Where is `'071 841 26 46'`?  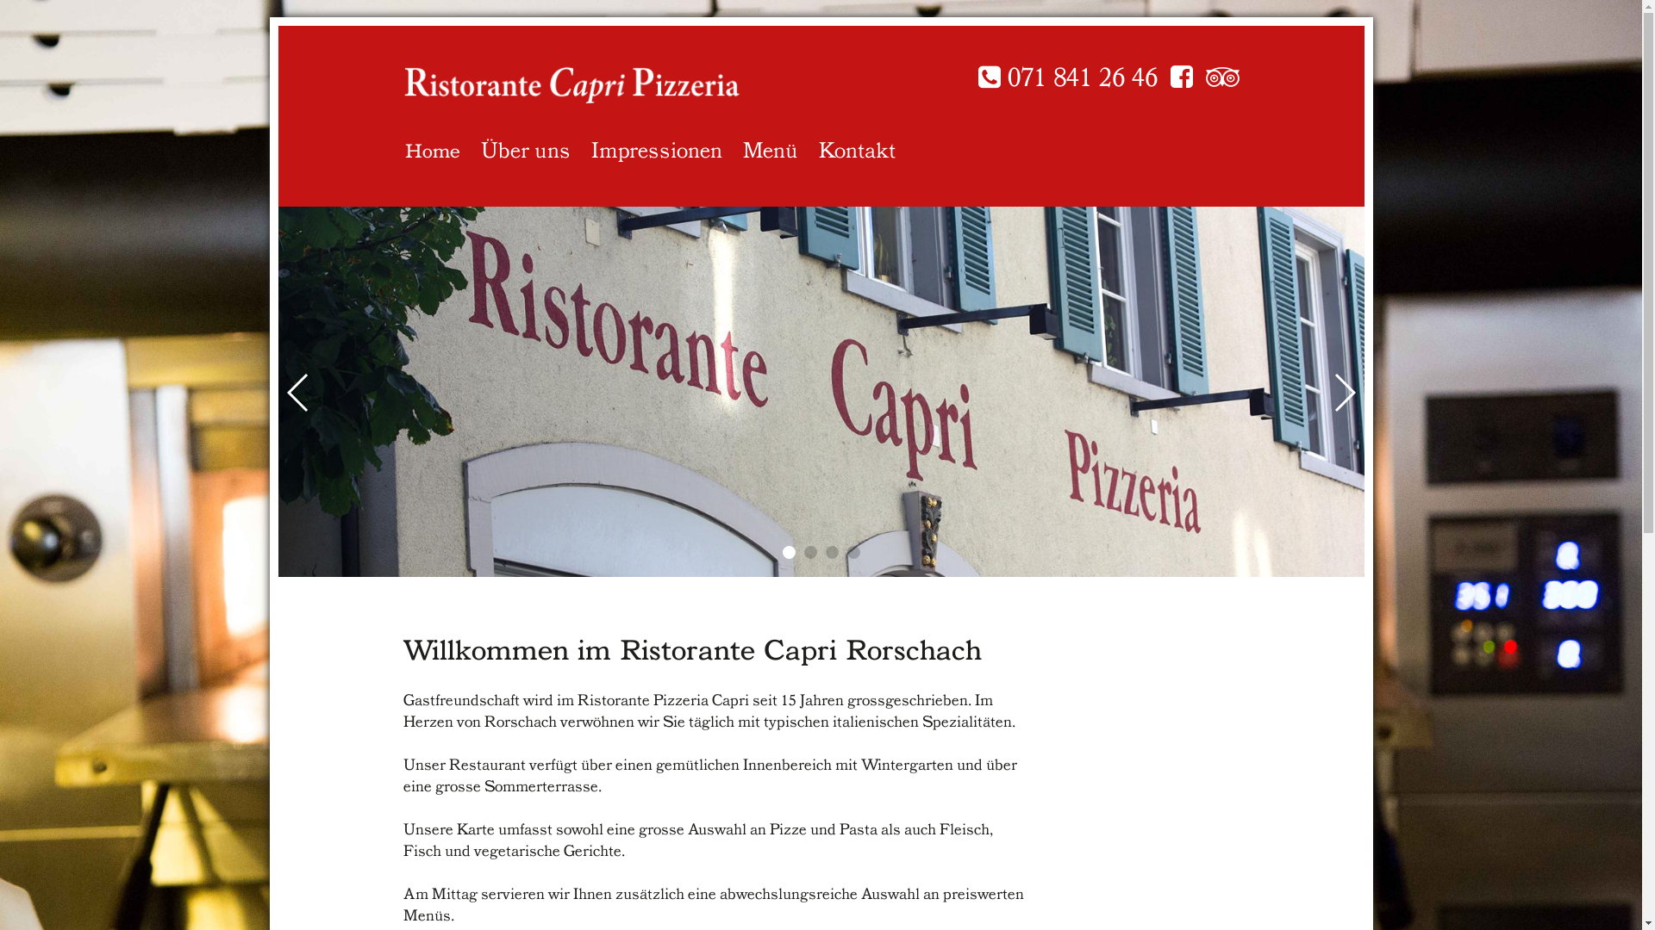 '071 841 26 46' is located at coordinates (977, 76).